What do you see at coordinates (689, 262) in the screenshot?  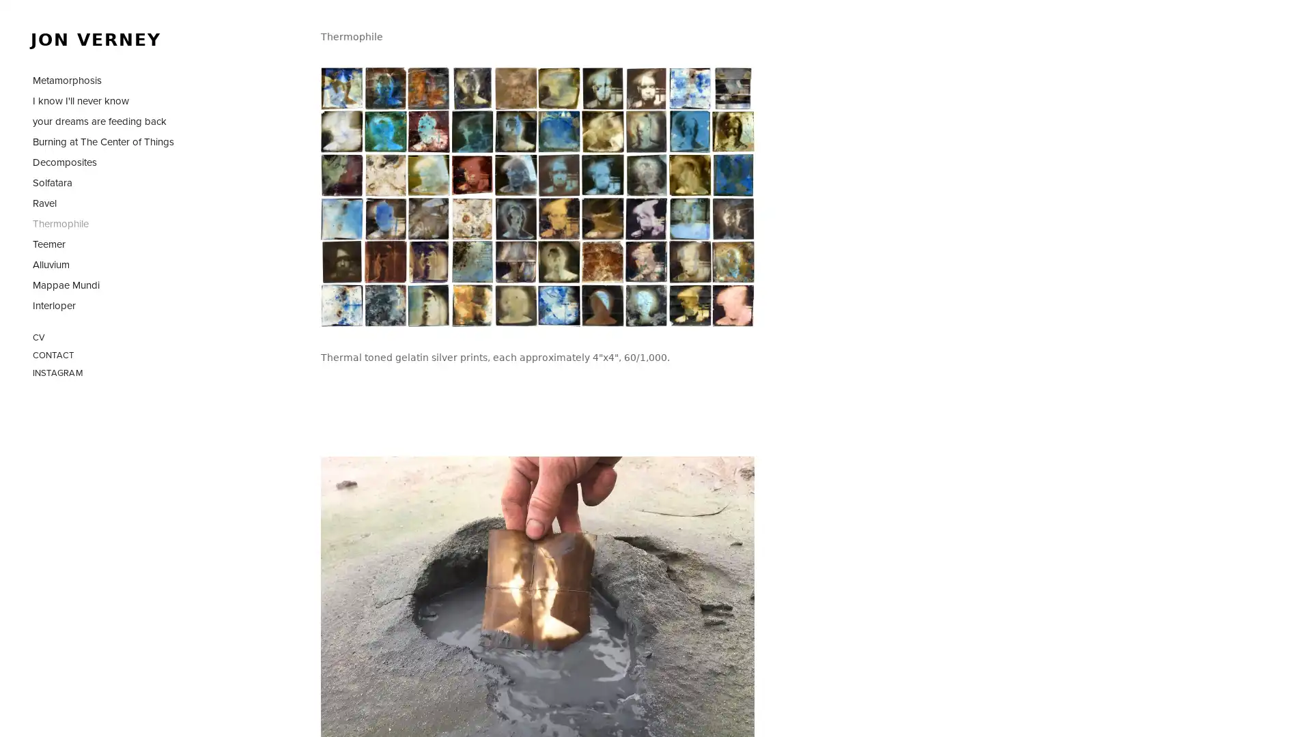 I see `View fullsize jon_verney_thermophile_24.jpg` at bounding box center [689, 262].